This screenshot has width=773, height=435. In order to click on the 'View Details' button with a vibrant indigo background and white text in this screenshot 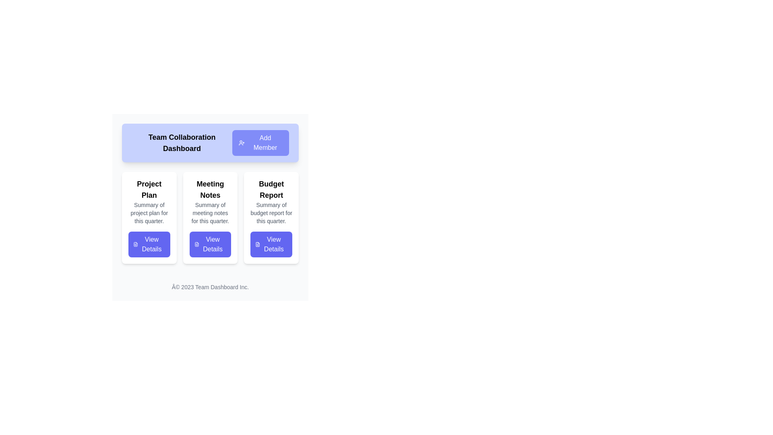, I will do `click(210, 244)`.